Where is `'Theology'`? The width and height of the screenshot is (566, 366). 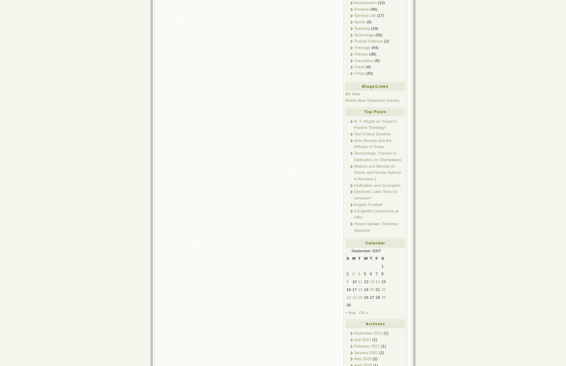
'Theology' is located at coordinates (362, 47).